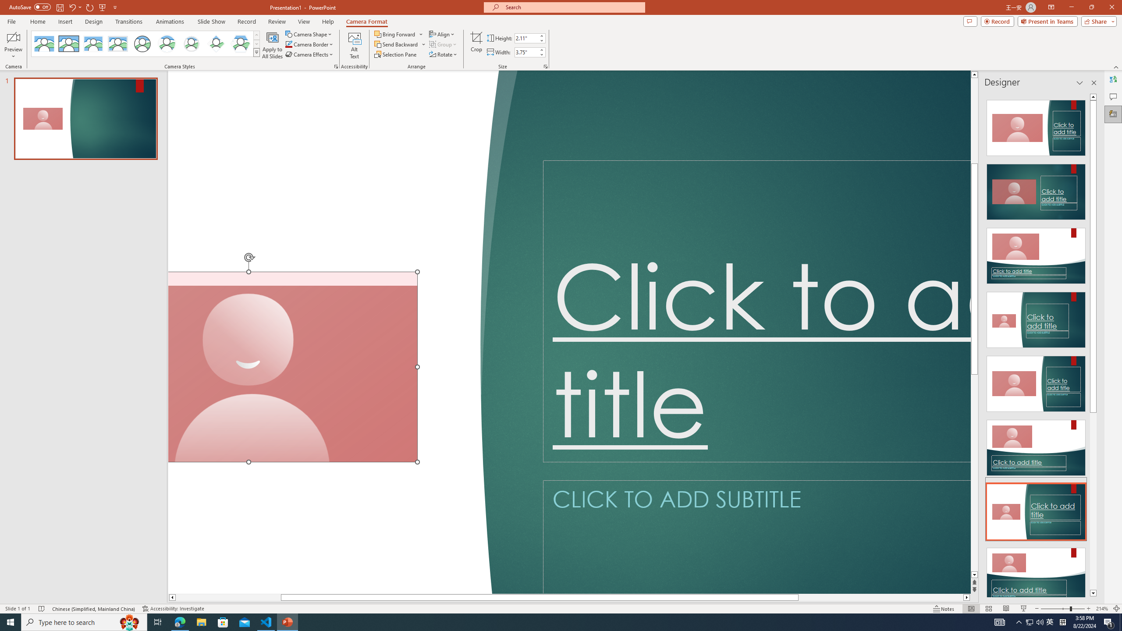 This screenshot has height=631, width=1122. I want to click on 'Simple Frame Circle', so click(142, 43).